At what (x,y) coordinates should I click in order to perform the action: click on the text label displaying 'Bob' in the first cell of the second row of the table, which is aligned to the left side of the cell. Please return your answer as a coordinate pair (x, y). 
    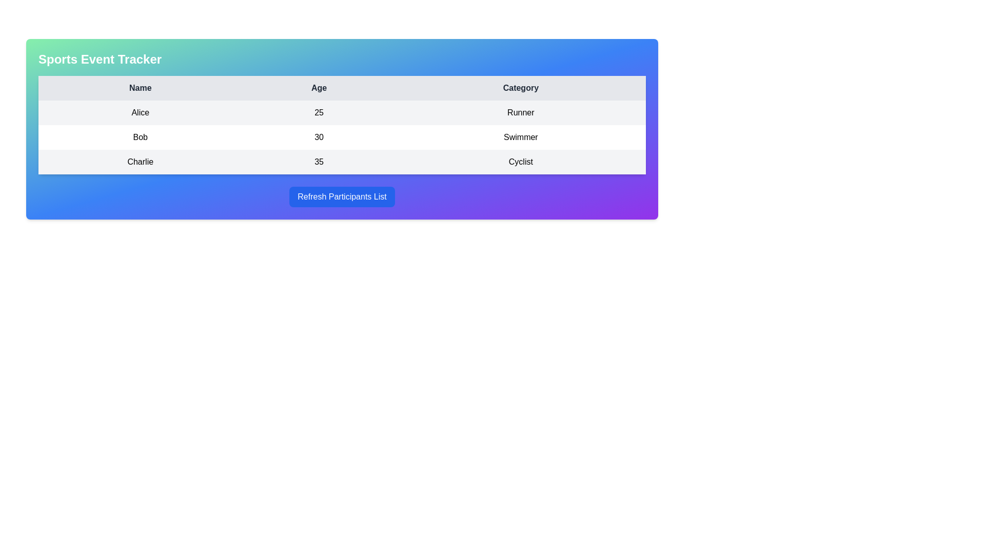
    Looking at the image, I should click on (140, 136).